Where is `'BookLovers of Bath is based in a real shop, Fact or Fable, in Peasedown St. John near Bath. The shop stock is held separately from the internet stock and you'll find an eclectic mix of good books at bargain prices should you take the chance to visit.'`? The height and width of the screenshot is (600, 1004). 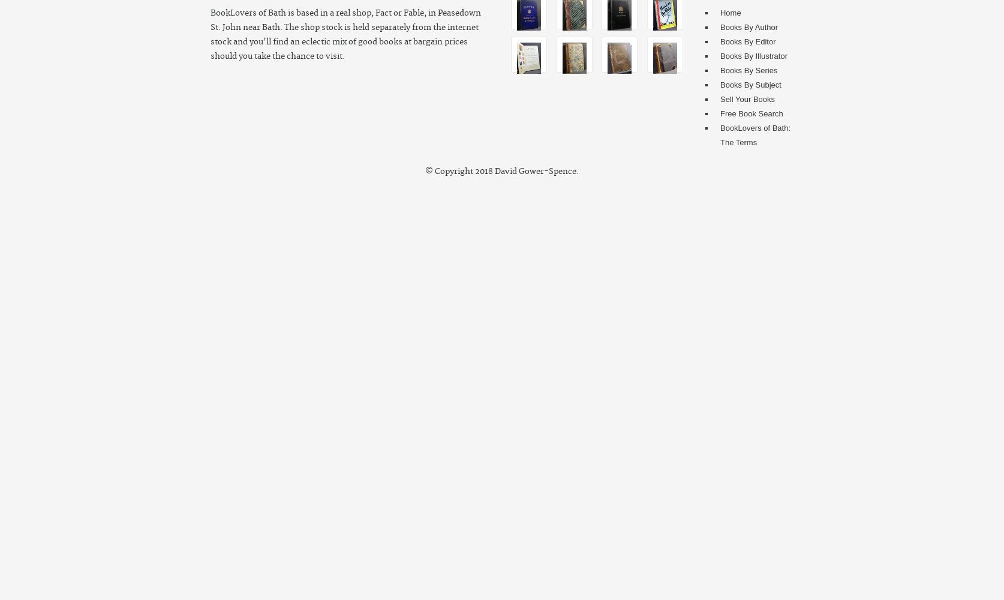 'BookLovers of Bath is based in a real shop, Fact or Fable, in Peasedown St. John near Bath. The shop stock is held separately from the internet stock and you'll find an eclectic mix of good books at bargain prices should you take the chance to visit.' is located at coordinates (345, 35).